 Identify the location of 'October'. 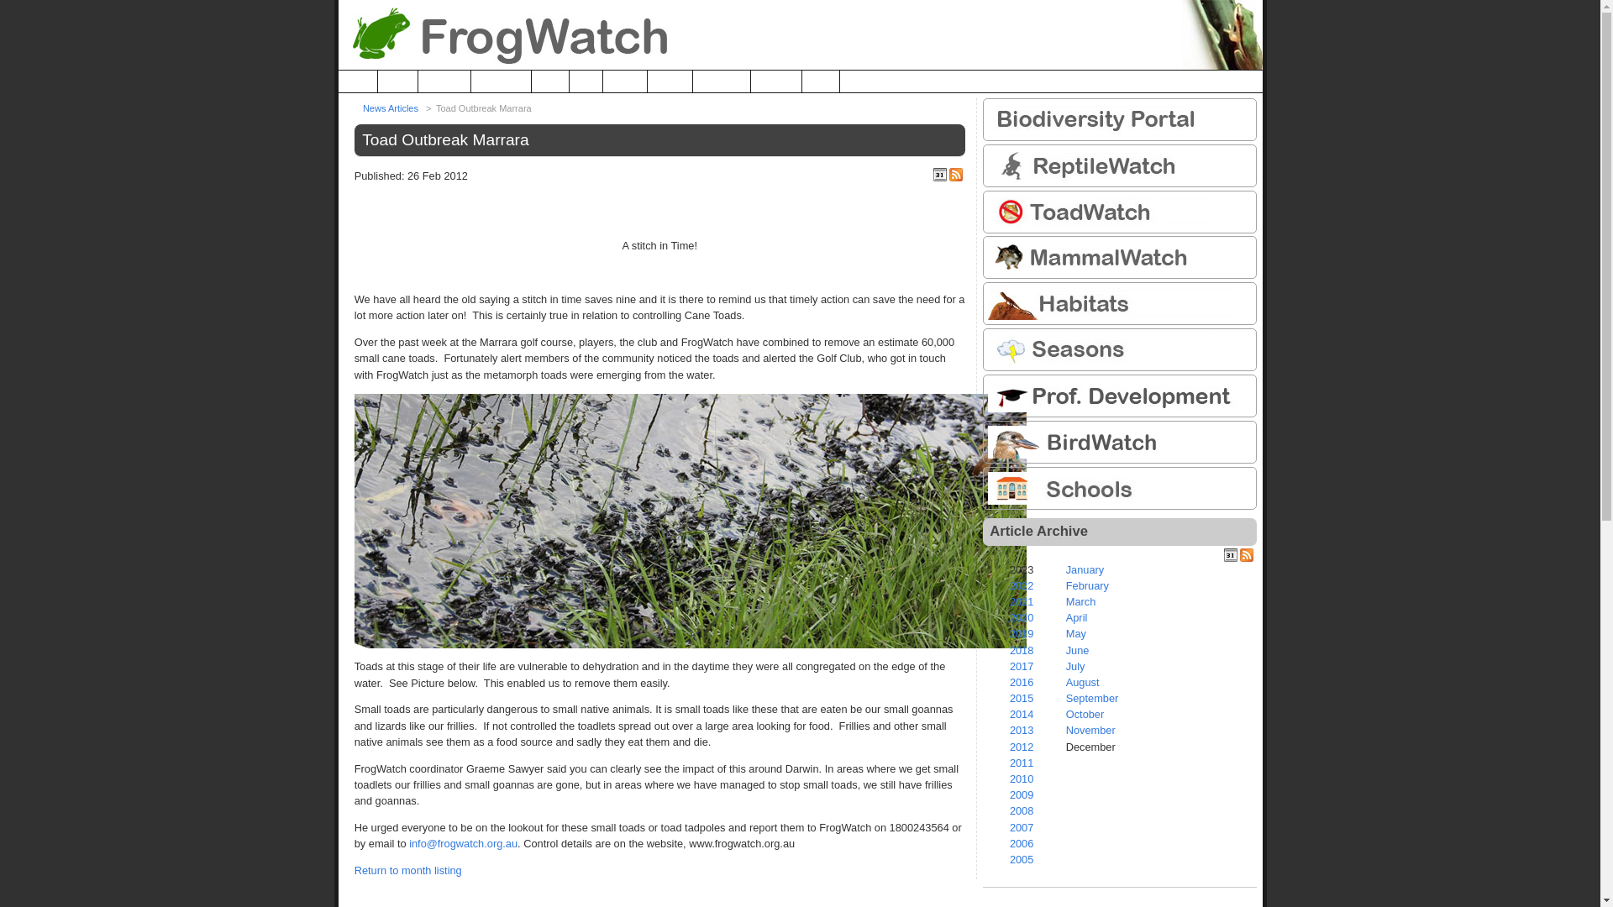
(1085, 714).